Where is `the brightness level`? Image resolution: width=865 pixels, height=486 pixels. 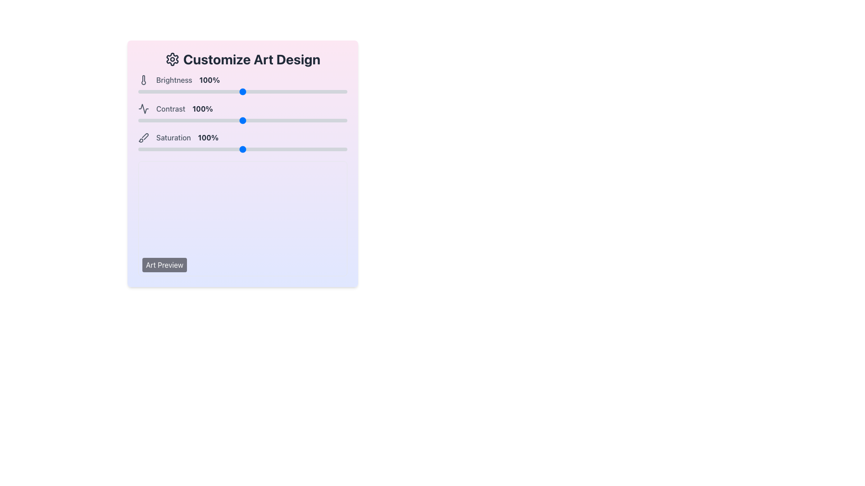 the brightness level is located at coordinates (172, 92).